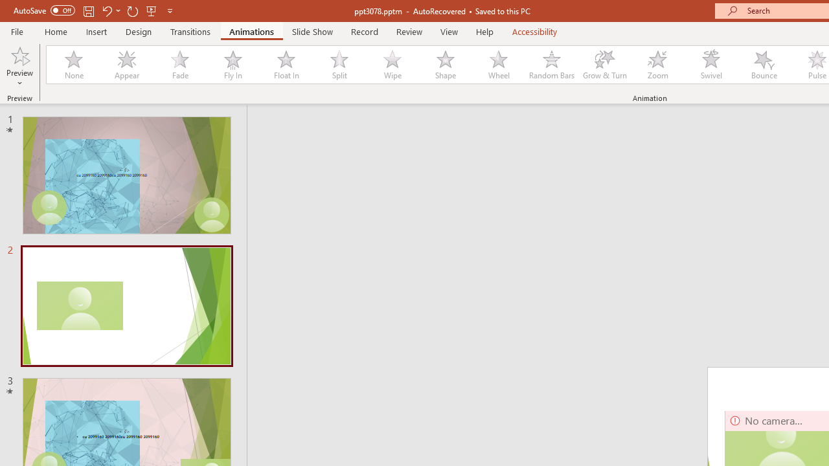  What do you see at coordinates (658, 65) in the screenshot?
I see `'Zoom'` at bounding box center [658, 65].